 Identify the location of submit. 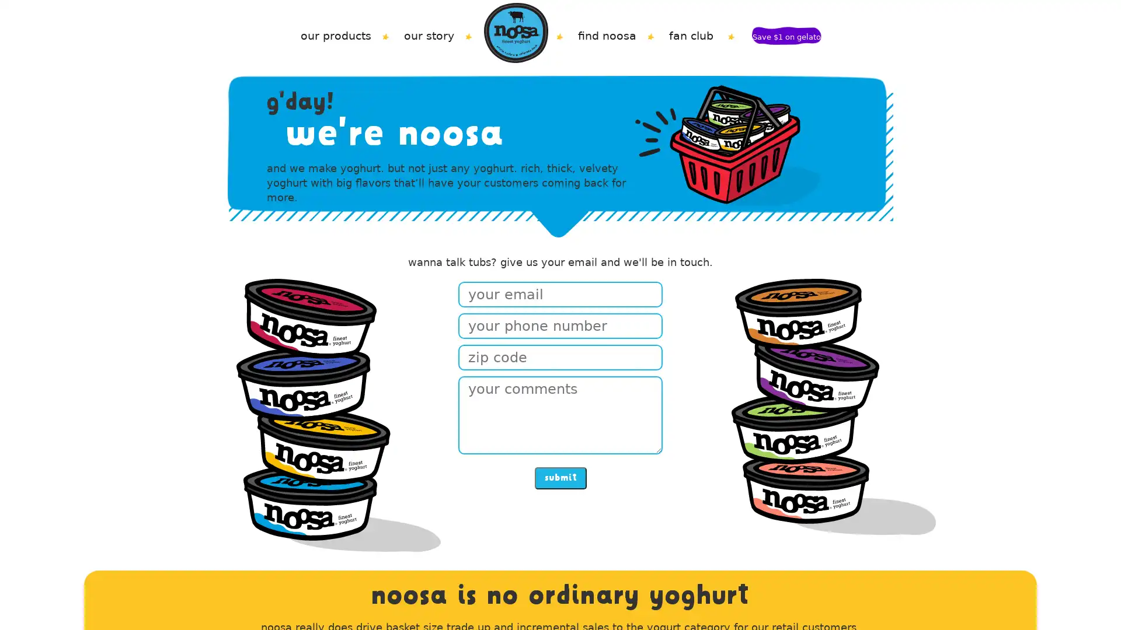
(559, 477).